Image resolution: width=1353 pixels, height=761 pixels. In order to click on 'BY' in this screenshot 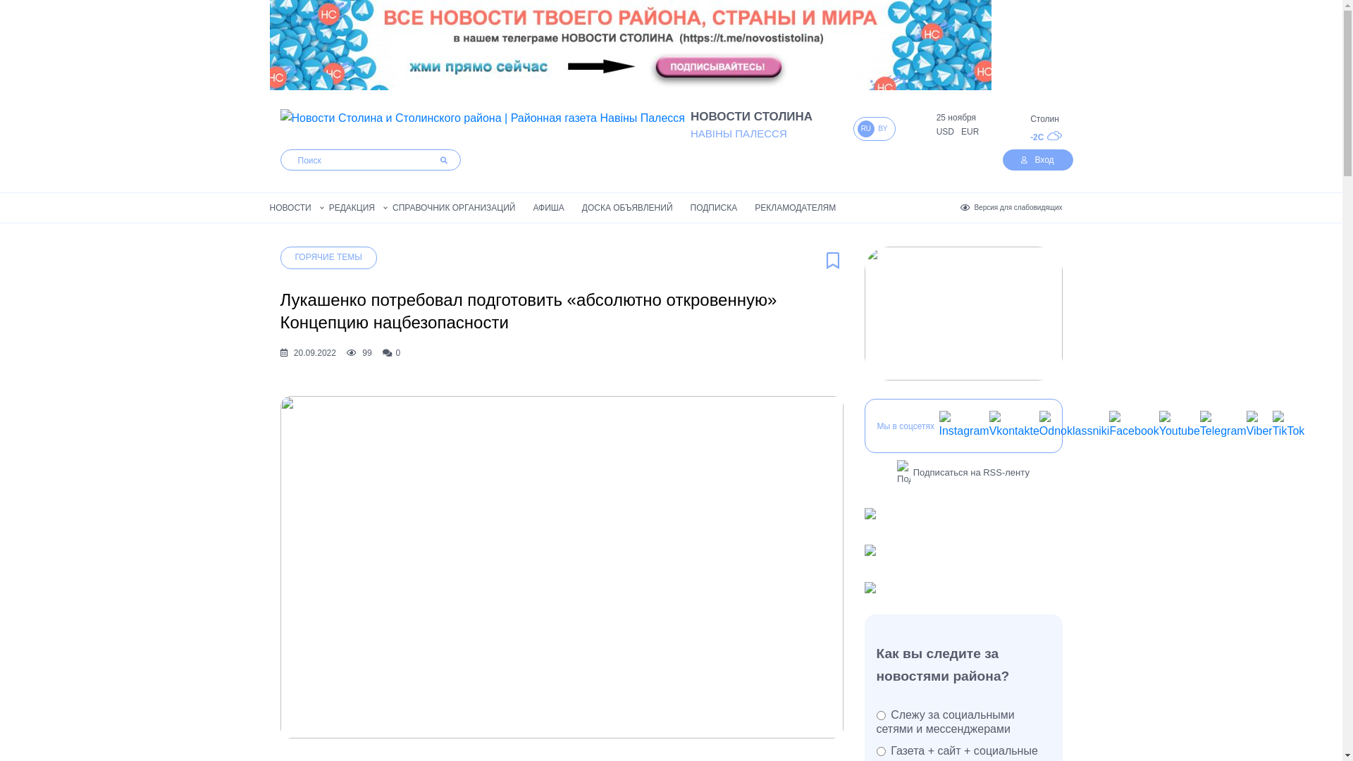, I will do `click(882, 129)`.